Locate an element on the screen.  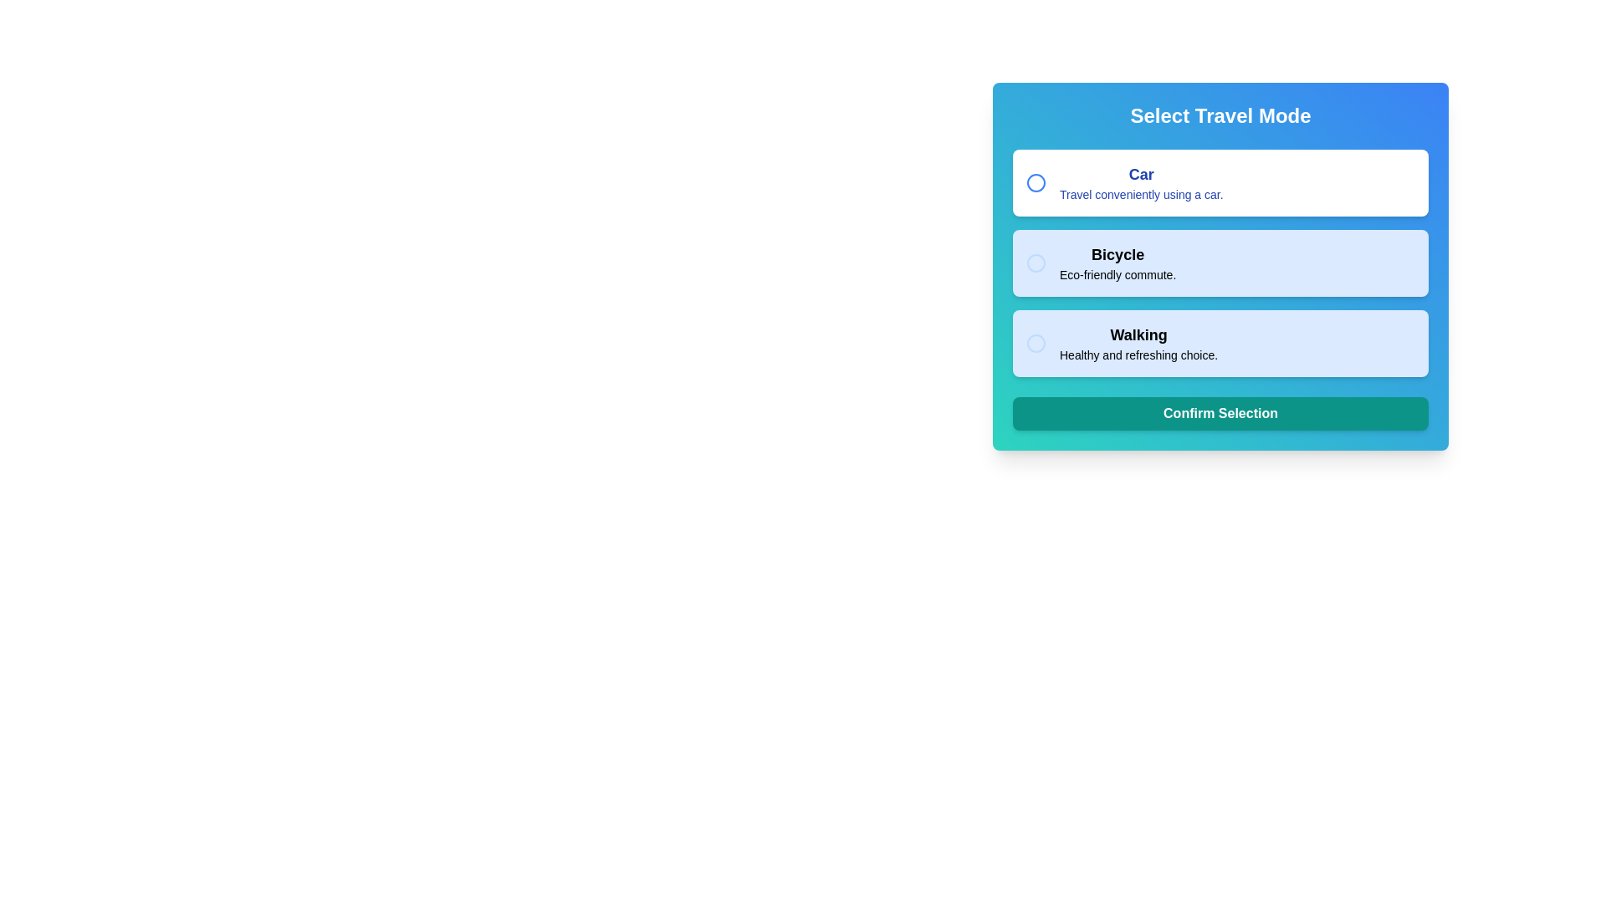
the interactive list item for 'Bicycle' is located at coordinates (1220, 263).